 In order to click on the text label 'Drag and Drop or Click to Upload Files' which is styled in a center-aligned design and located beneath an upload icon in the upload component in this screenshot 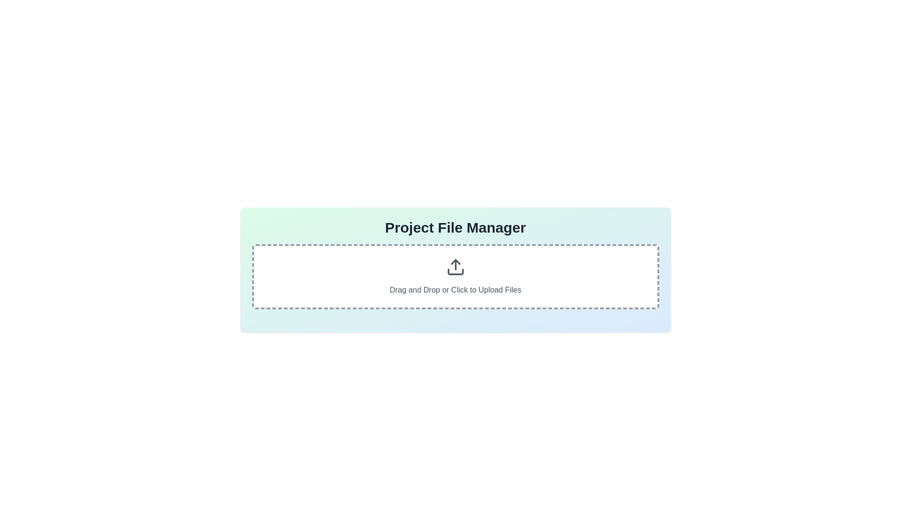, I will do `click(455, 290)`.